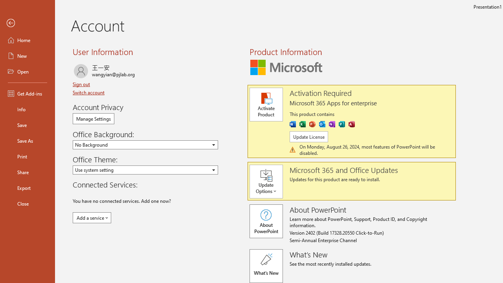 Image resolution: width=503 pixels, height=283 pixels. What do you see at coordinates (266, 104) in the screenshot?
I see `'Activate Product'` at bounding box center [266, 104].